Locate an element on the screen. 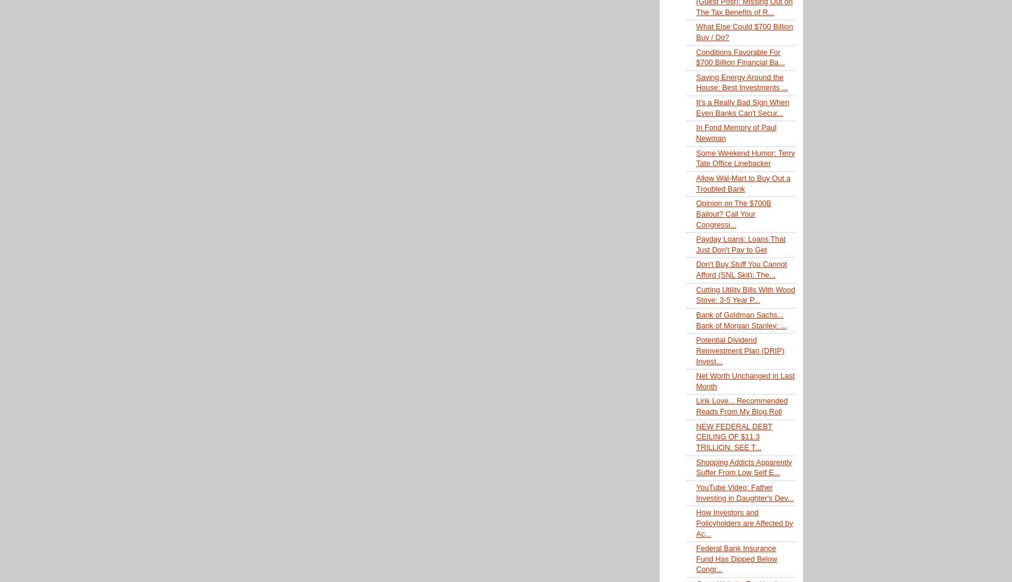 Image resolution: width=1012 pixels, height=582 pixels. 'It's a Really Bad Sign When Even Banks Can't Secur...' is located at coordinates (742, 107).